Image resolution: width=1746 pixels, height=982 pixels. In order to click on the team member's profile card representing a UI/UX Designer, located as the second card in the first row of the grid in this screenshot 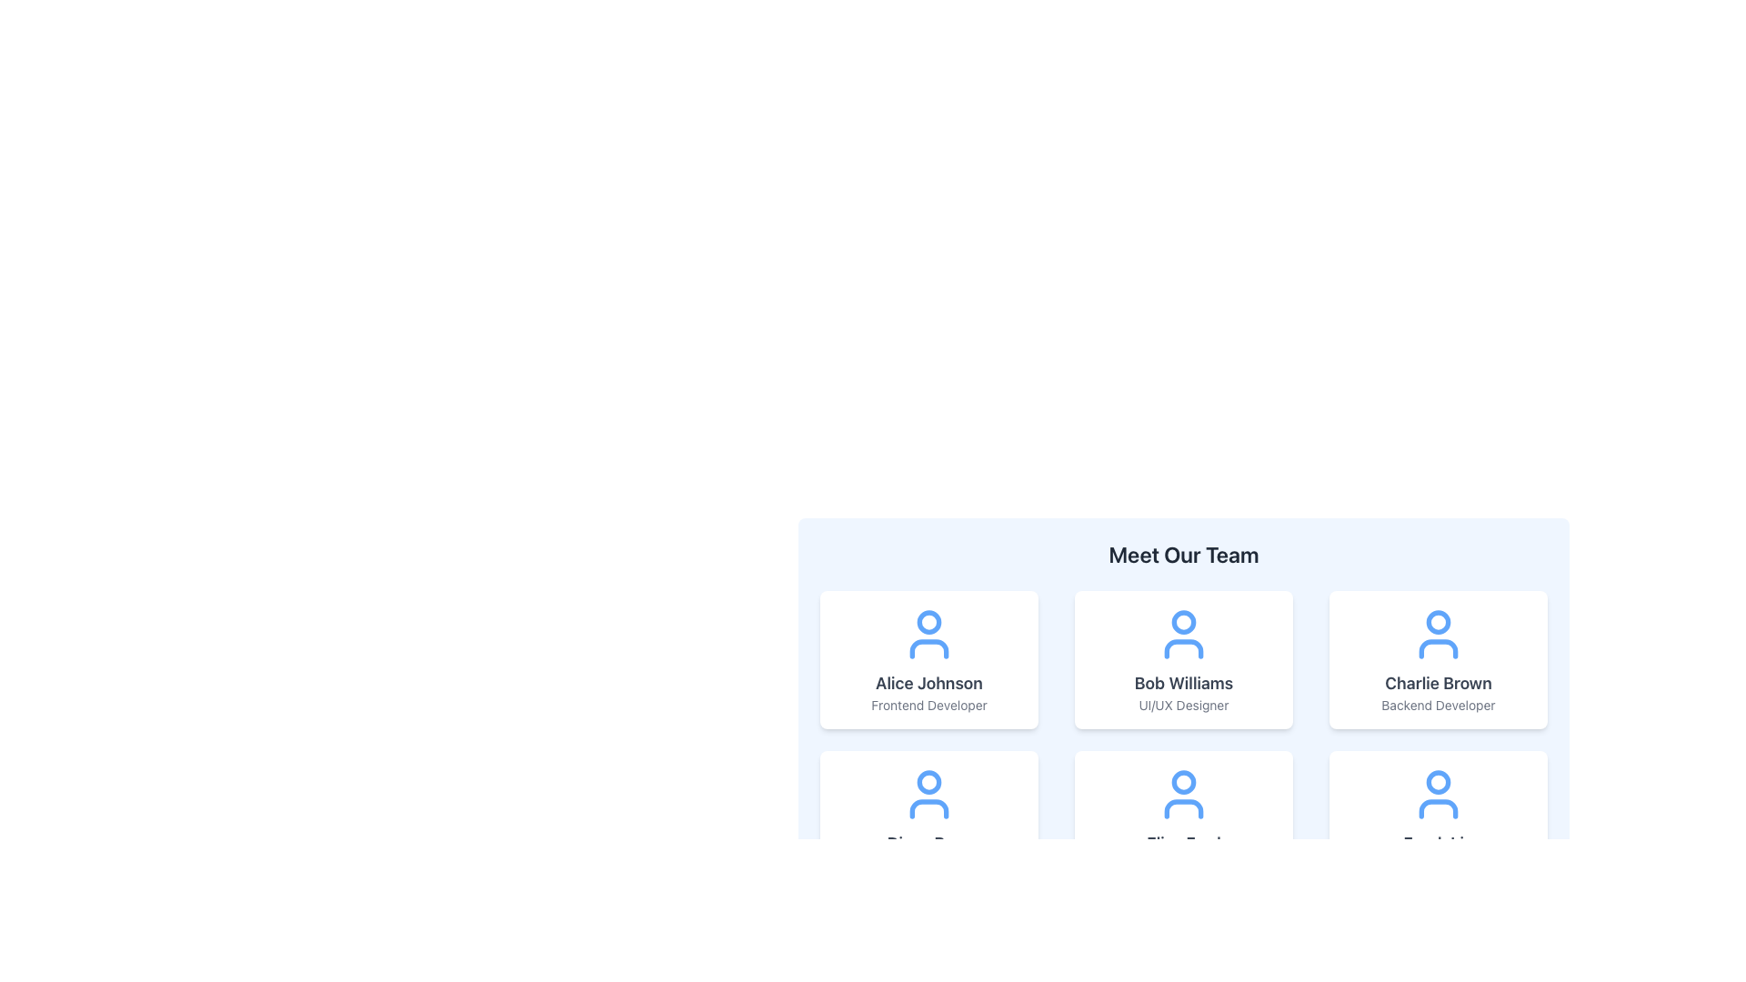, I will do `click(1183, 714)`.